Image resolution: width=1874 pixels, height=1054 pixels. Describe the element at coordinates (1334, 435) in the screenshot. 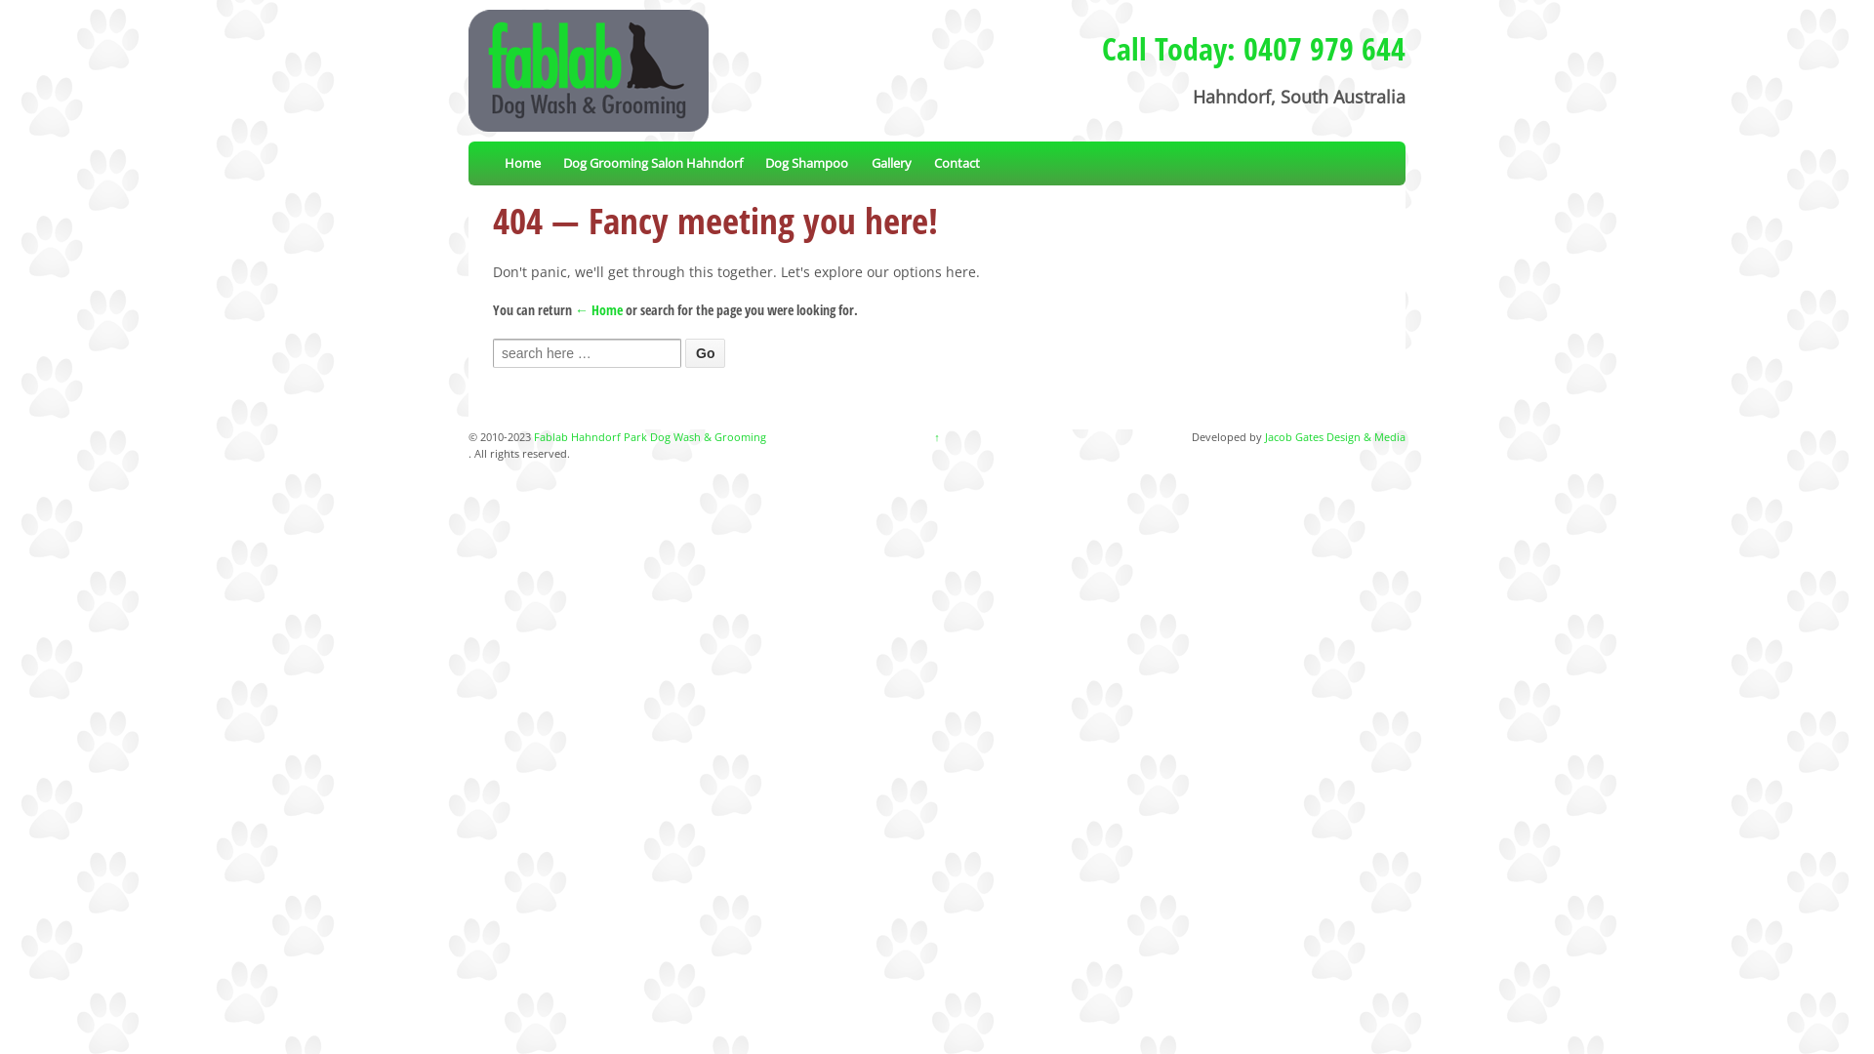

I see `'Jacob Gates Design & Media'` at that location.